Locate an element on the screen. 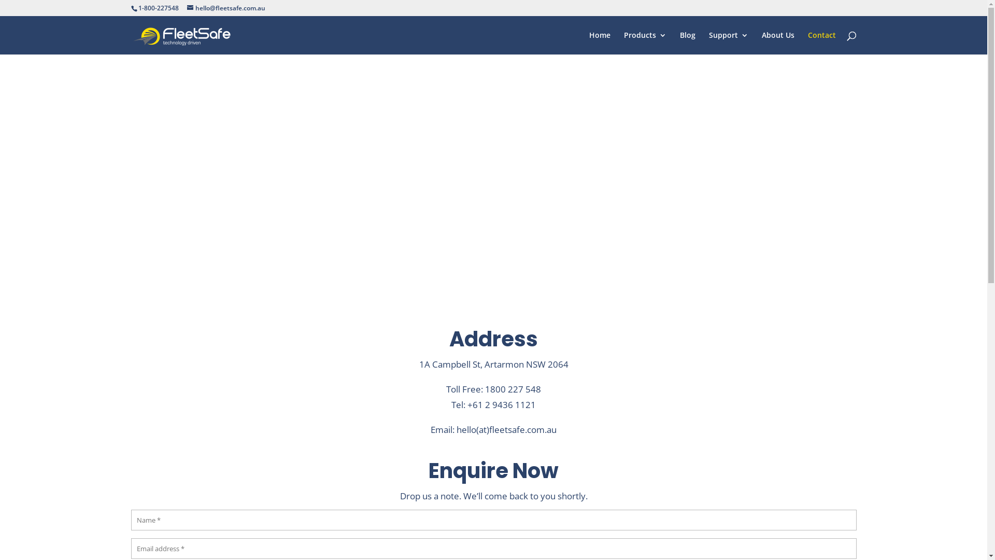 The width and height of the screenshot is (995, 560). 'Contact' is located at coordinates (807, 43).